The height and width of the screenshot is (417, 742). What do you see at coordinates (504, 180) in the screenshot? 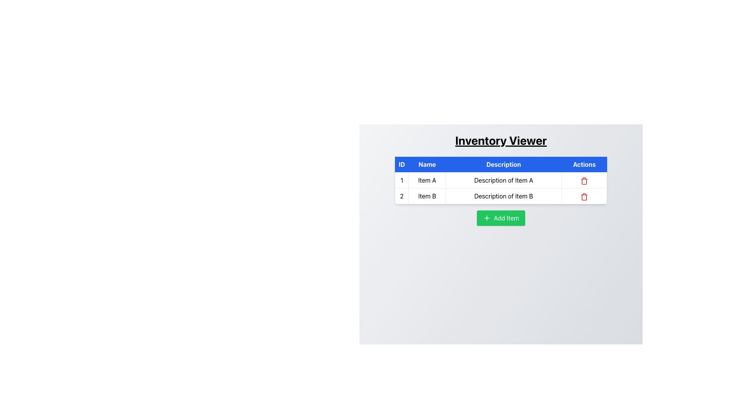
I see `textual content of the Table Cell displaying the description for 'Item A' in the inventory viewer table, located in the 'Description' column of the first row` at bounding box center [504, 180].